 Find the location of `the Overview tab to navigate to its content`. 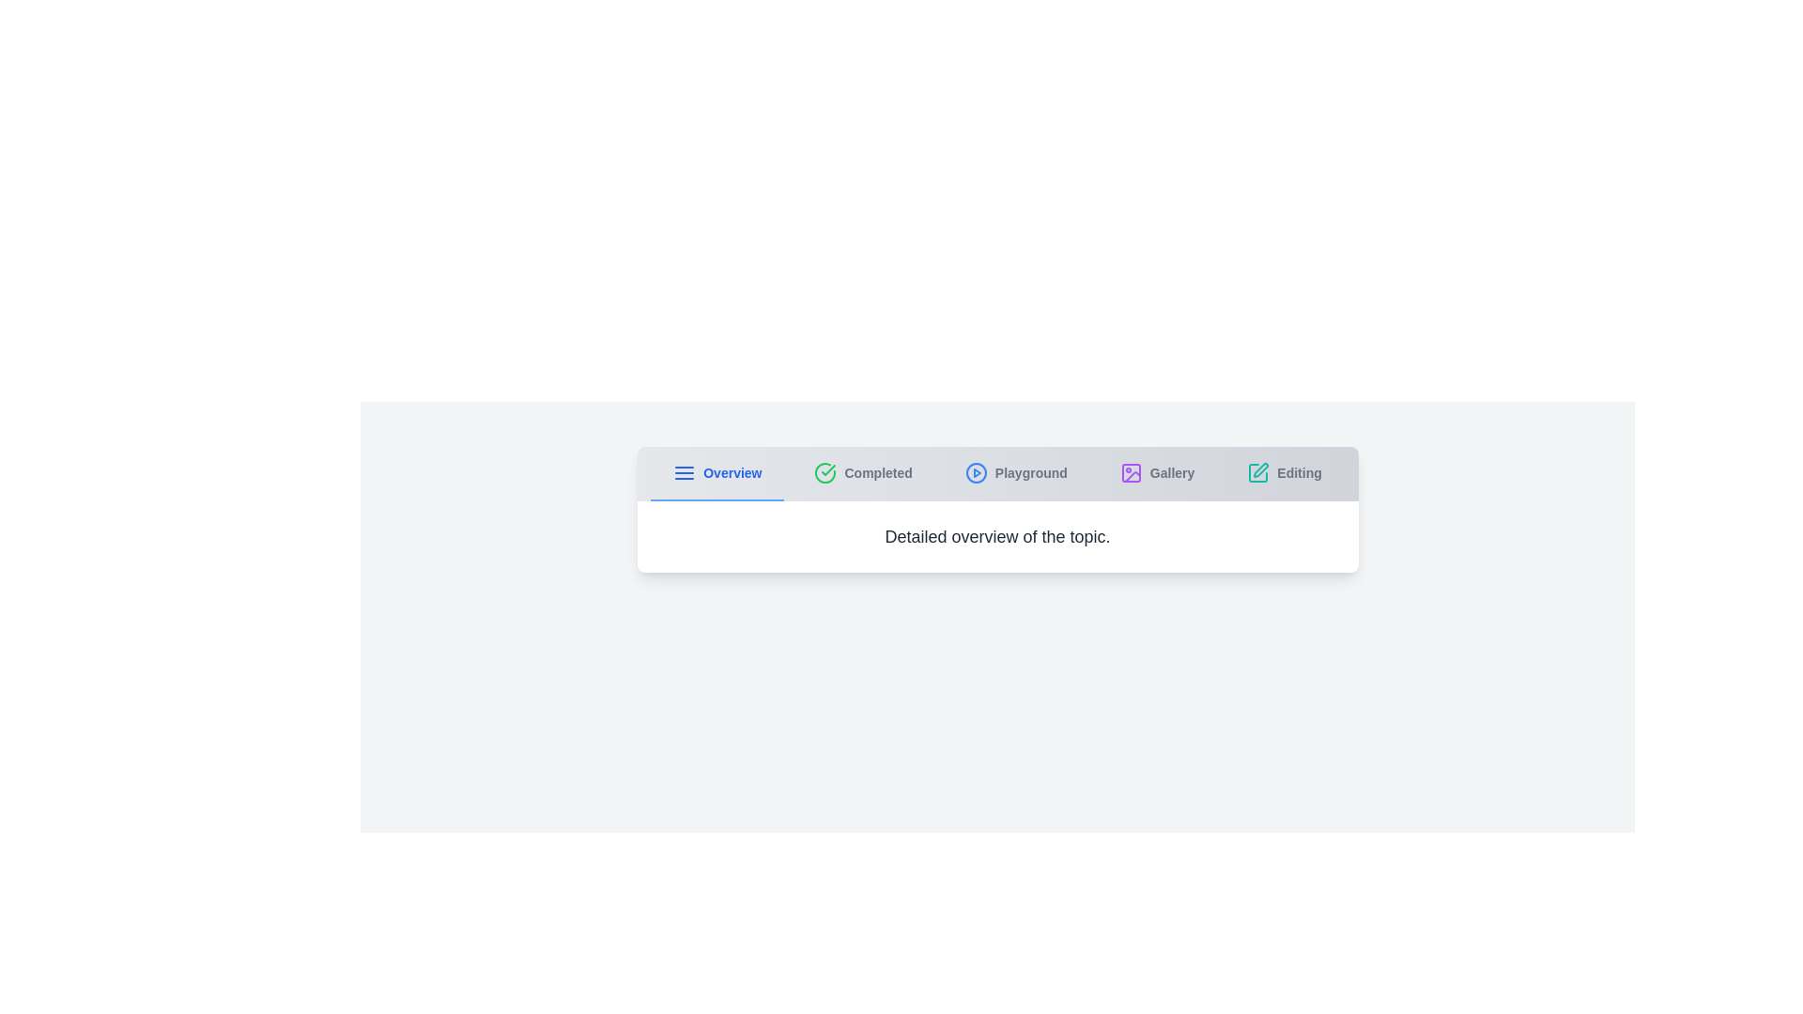

the Overview tab to navigate to its content is located at coordinates (716, 473).